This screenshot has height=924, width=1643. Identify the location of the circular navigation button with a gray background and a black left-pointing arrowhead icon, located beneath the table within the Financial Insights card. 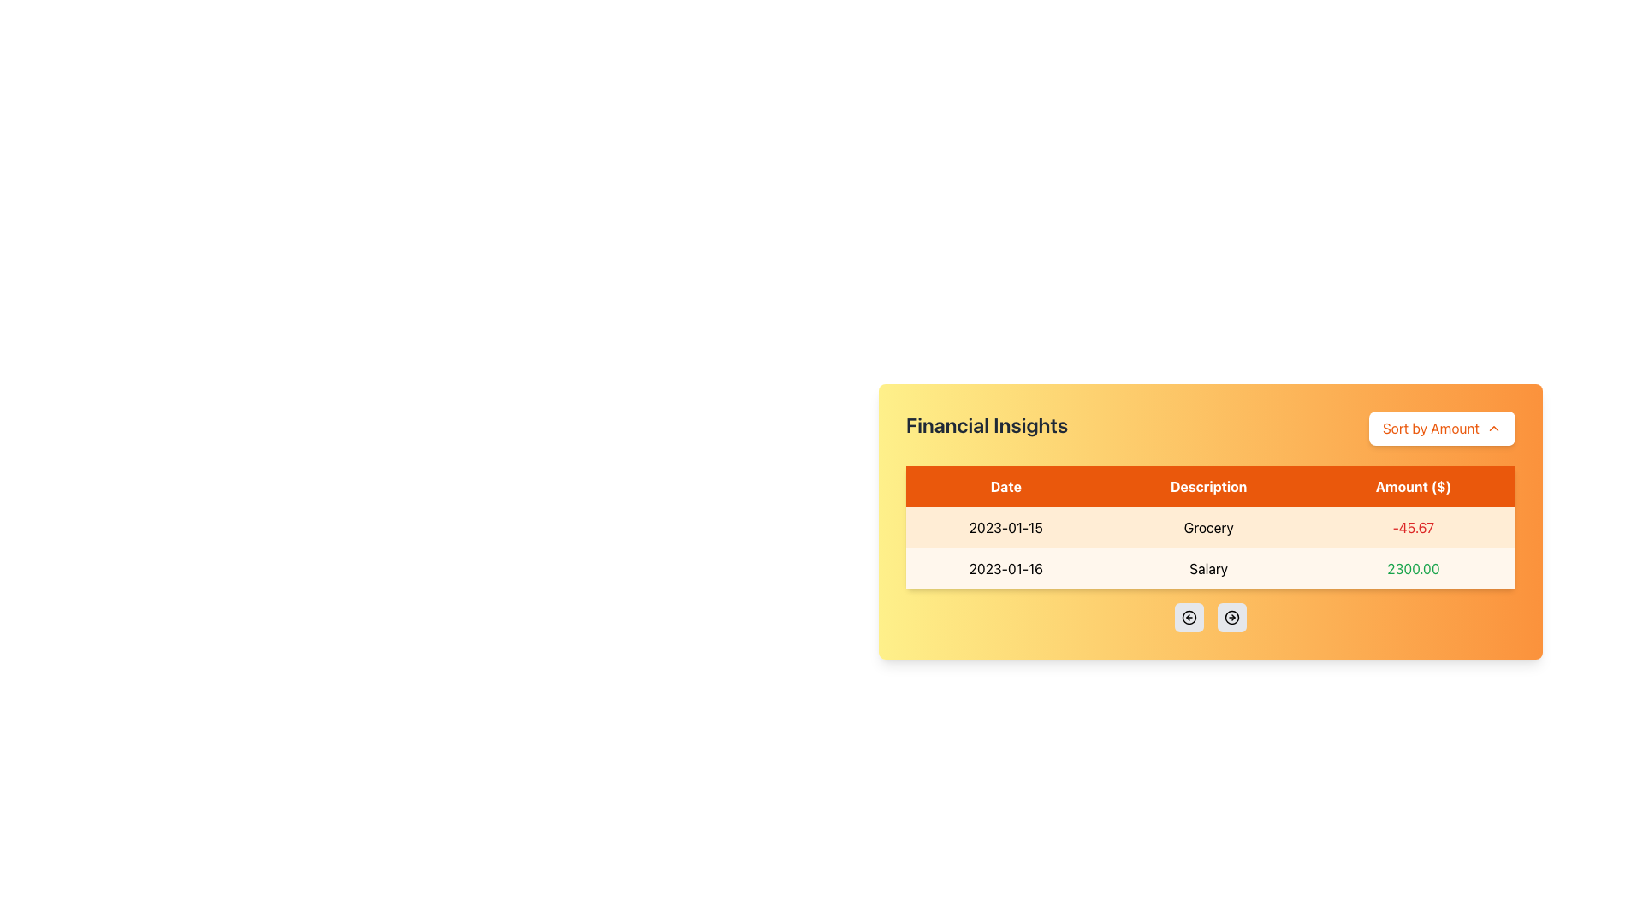
(1189, 617).